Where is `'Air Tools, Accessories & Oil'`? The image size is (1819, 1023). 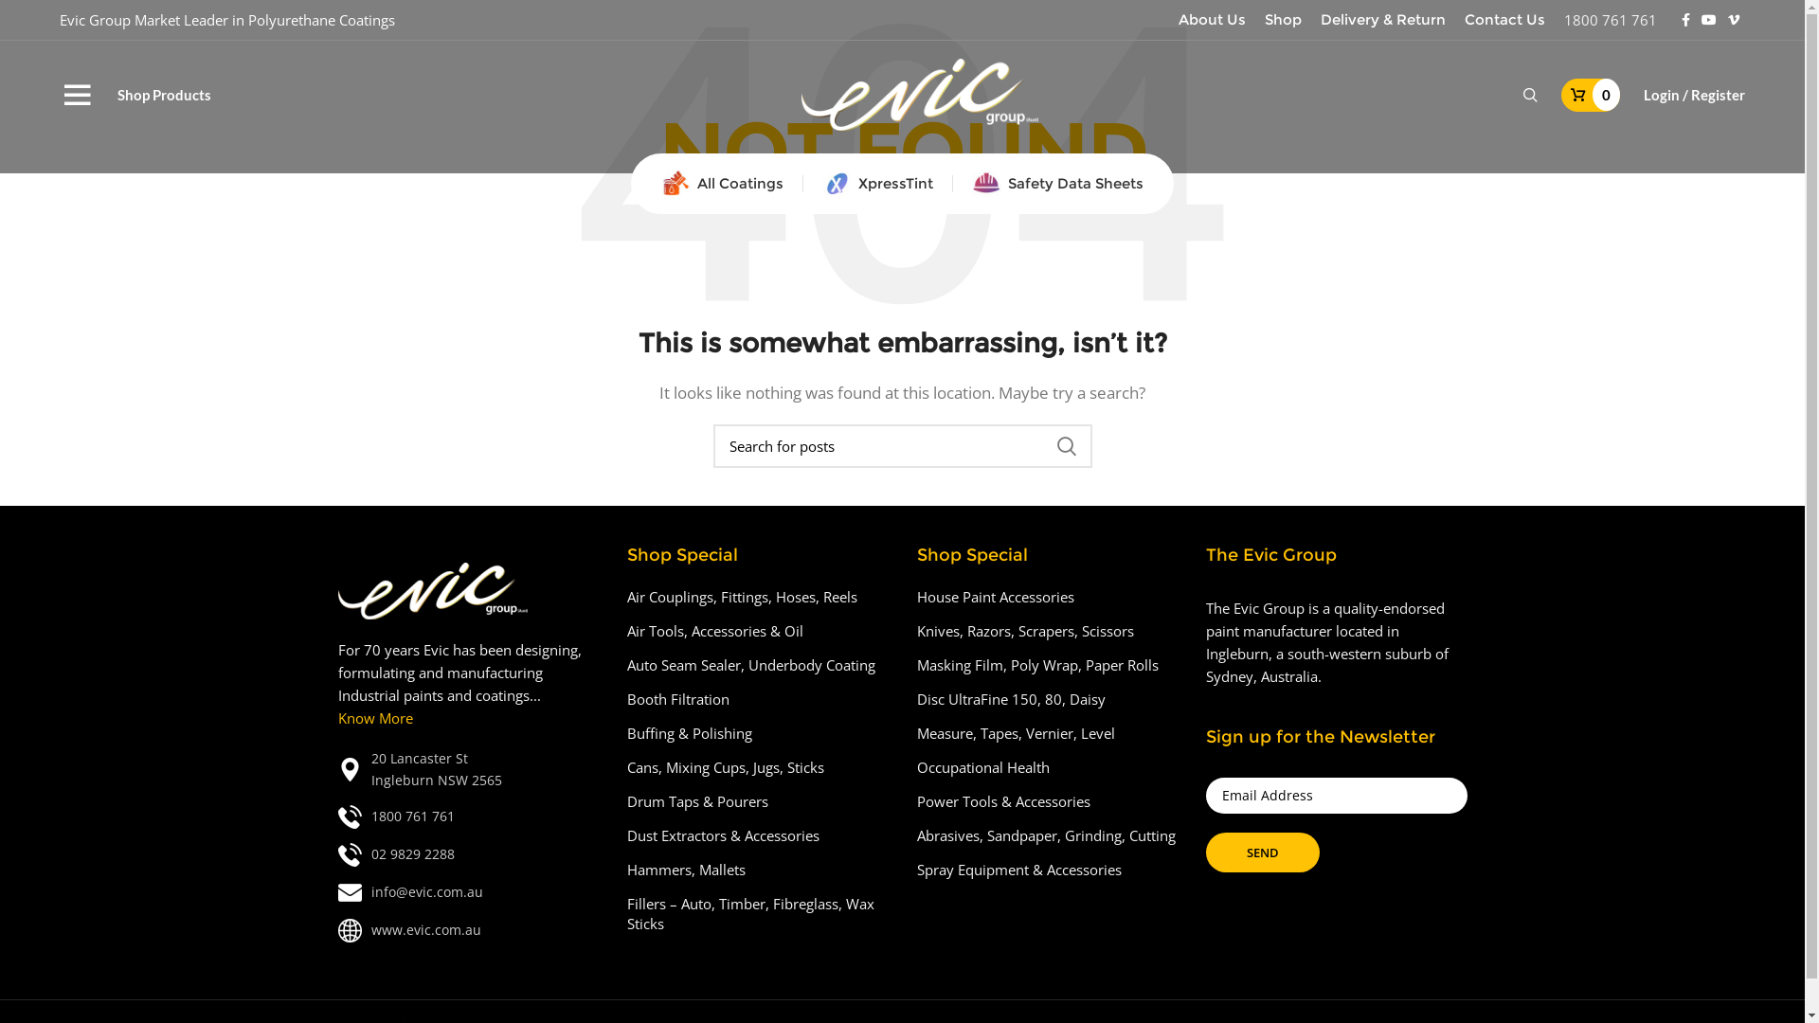 'Air Tools, Accessories & Oil' is located at coordinates (714, 631).